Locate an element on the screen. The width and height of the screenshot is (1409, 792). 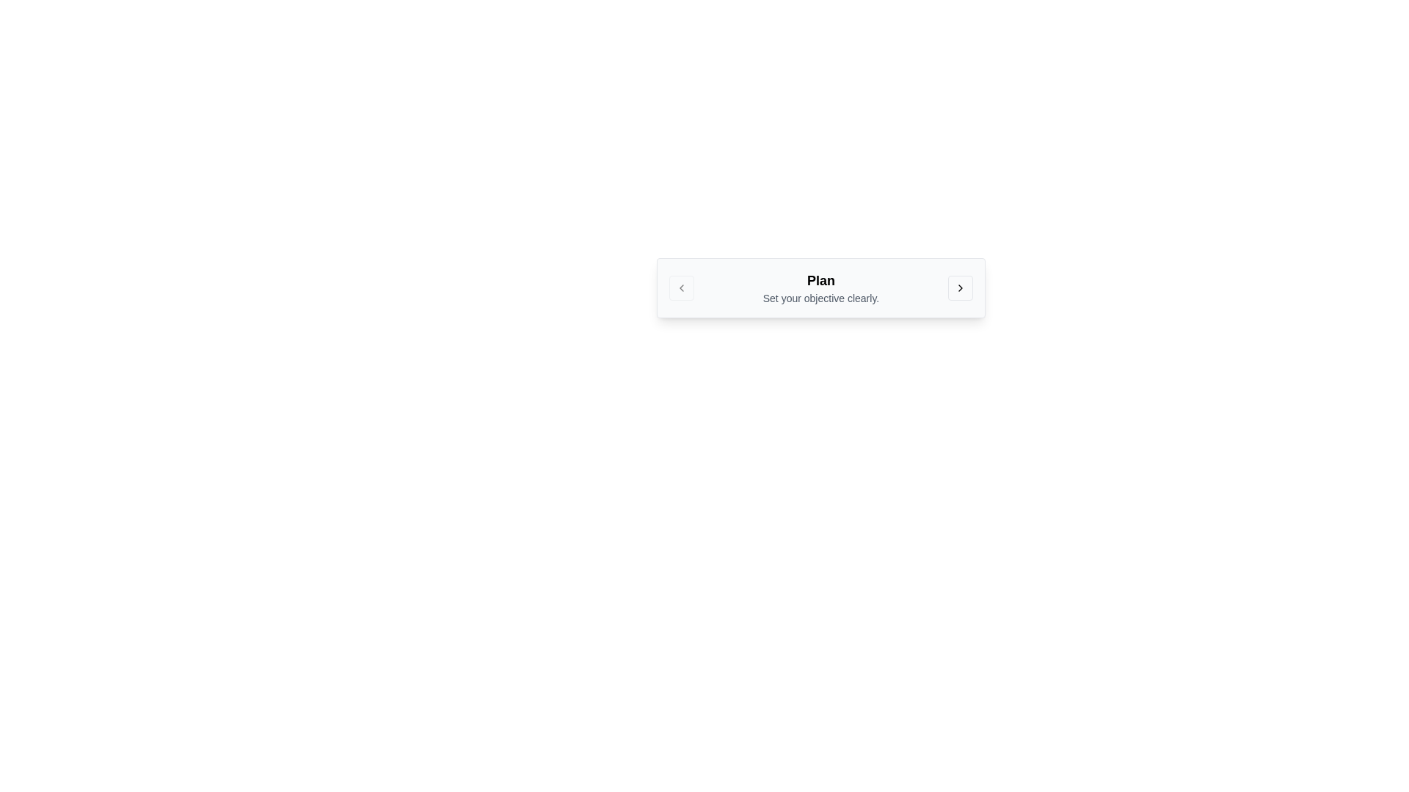
the backward navigation button located to the left of the text 'Plan' in the interface is located at coordinates (681, 288).